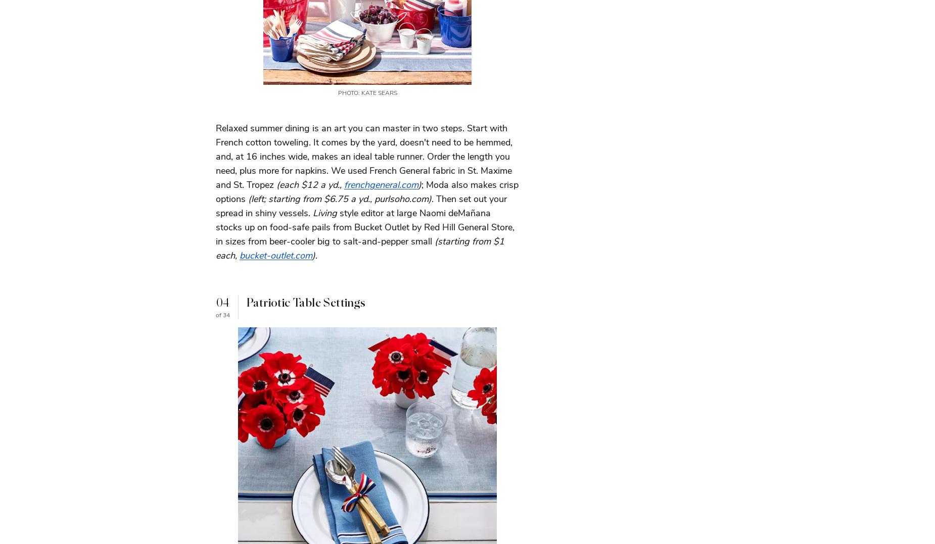  I want to click on '(starting from $1 each,', so click(360, 248).